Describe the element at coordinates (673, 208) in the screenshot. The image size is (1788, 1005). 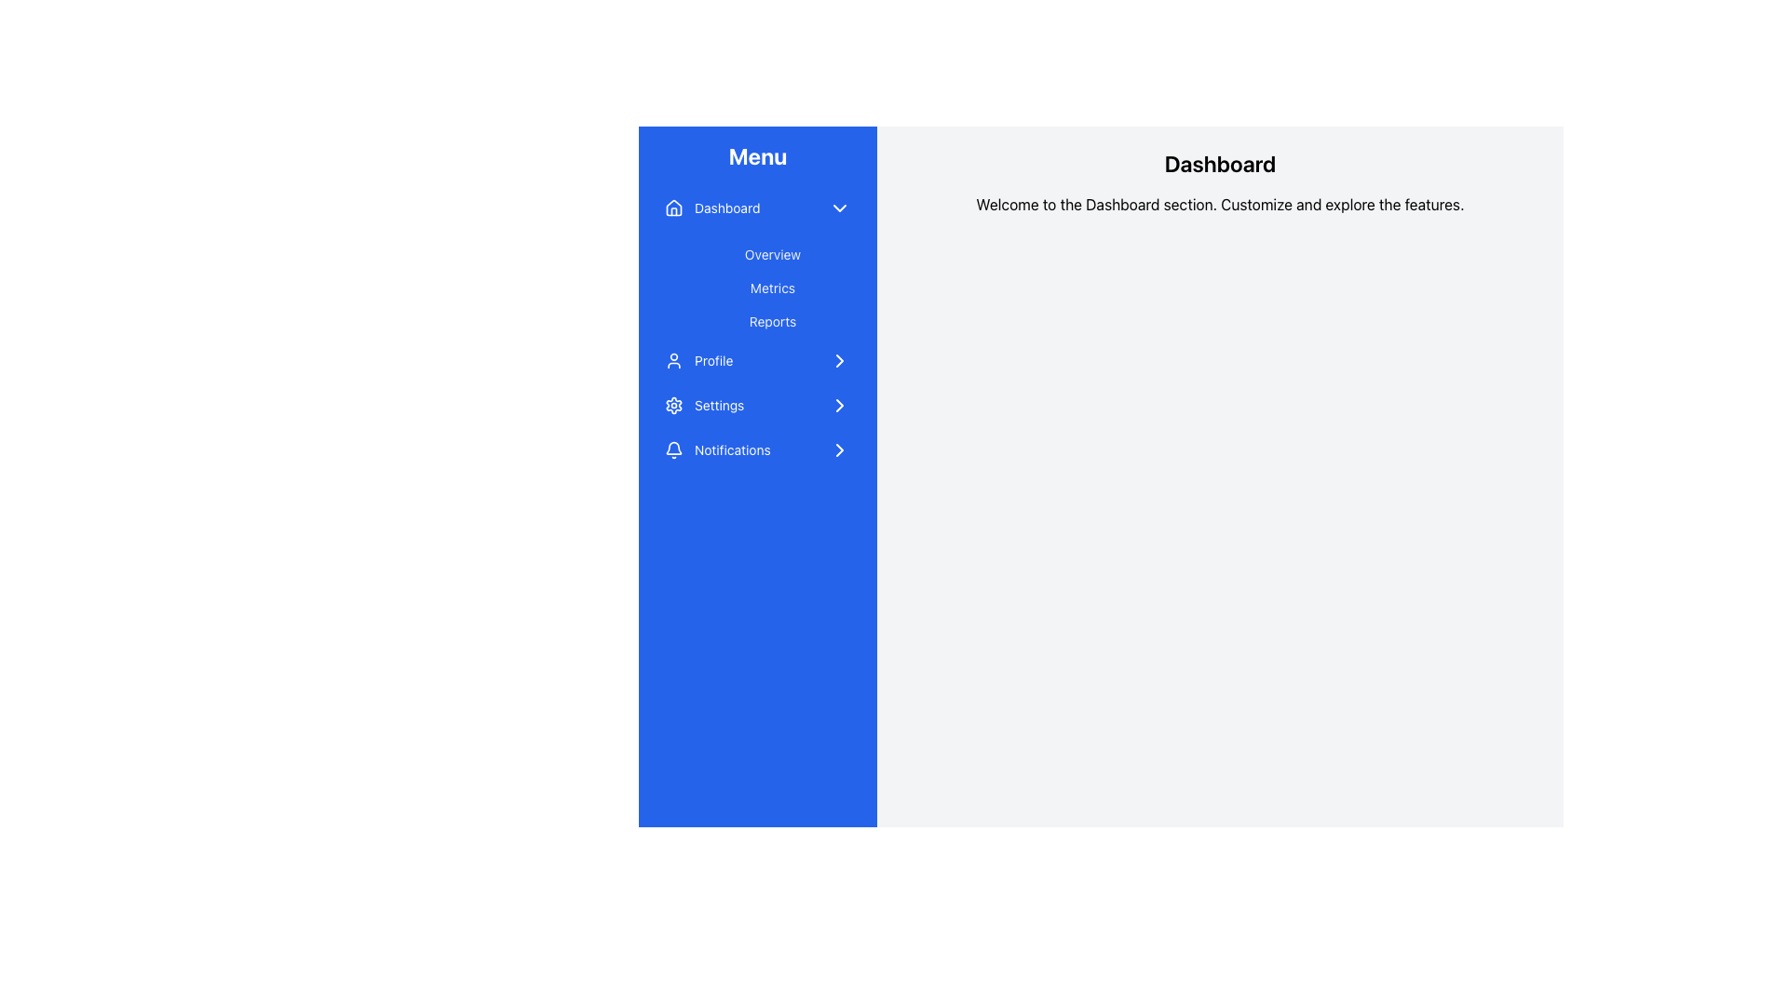
I see `the house icon representing the 'Dashboard' menu option located at the top of the vertical menu panel on the left side of the interface` at that location.